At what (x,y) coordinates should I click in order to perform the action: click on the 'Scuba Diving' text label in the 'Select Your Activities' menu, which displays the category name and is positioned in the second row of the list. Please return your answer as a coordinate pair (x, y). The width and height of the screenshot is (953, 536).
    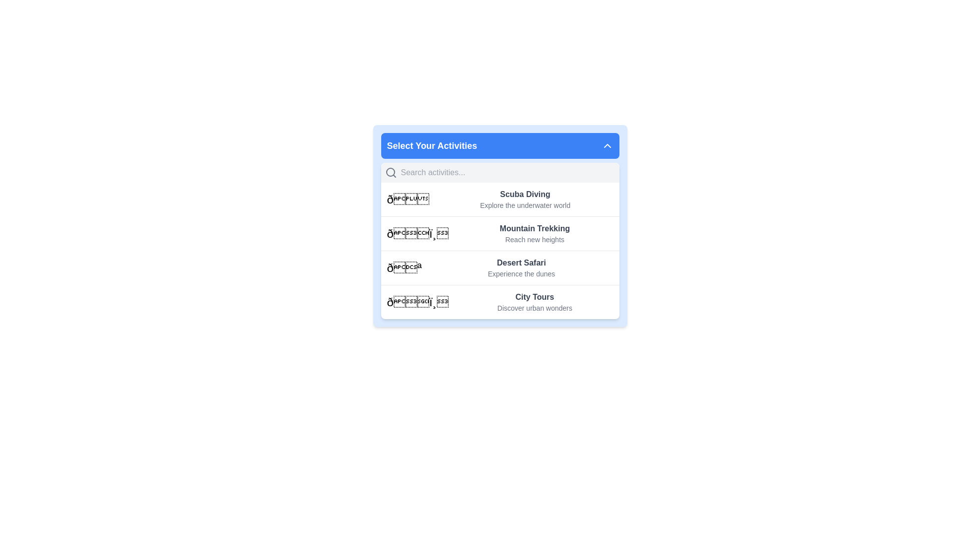
    Looking at the image, I should click on (525, 195).